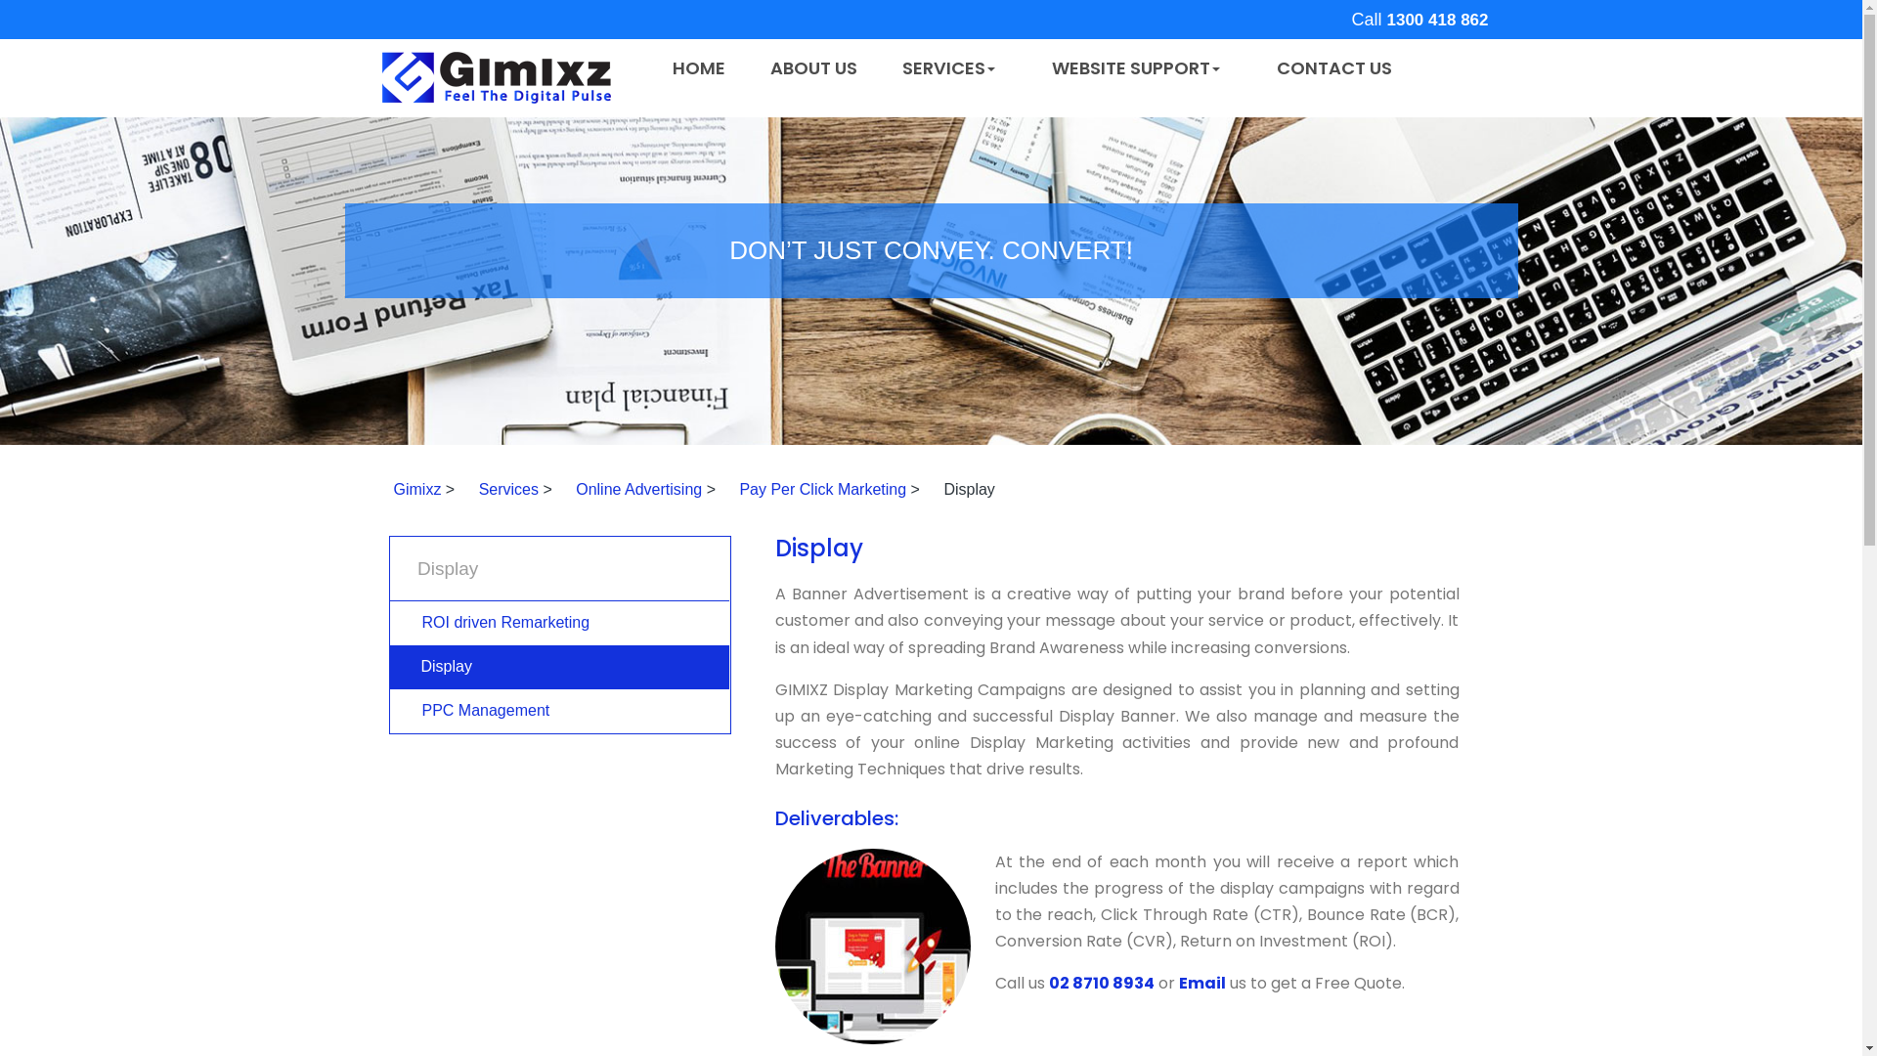 This screenshot has width=1877, height=1056. Describe the element at coordinates (817, 488) in the screenshot. I see `'Pay Per Click Marketing'` at that location.